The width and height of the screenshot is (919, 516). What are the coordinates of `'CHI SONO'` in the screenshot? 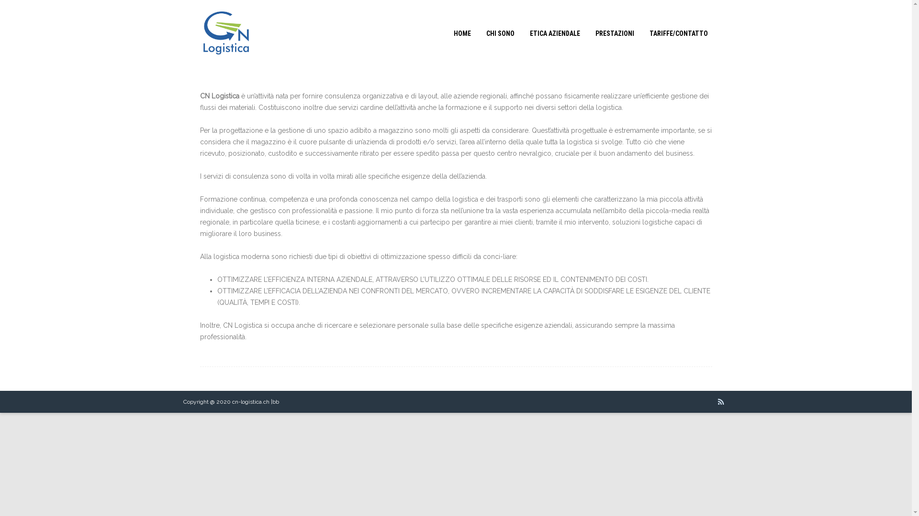 It's located at (478, 32).